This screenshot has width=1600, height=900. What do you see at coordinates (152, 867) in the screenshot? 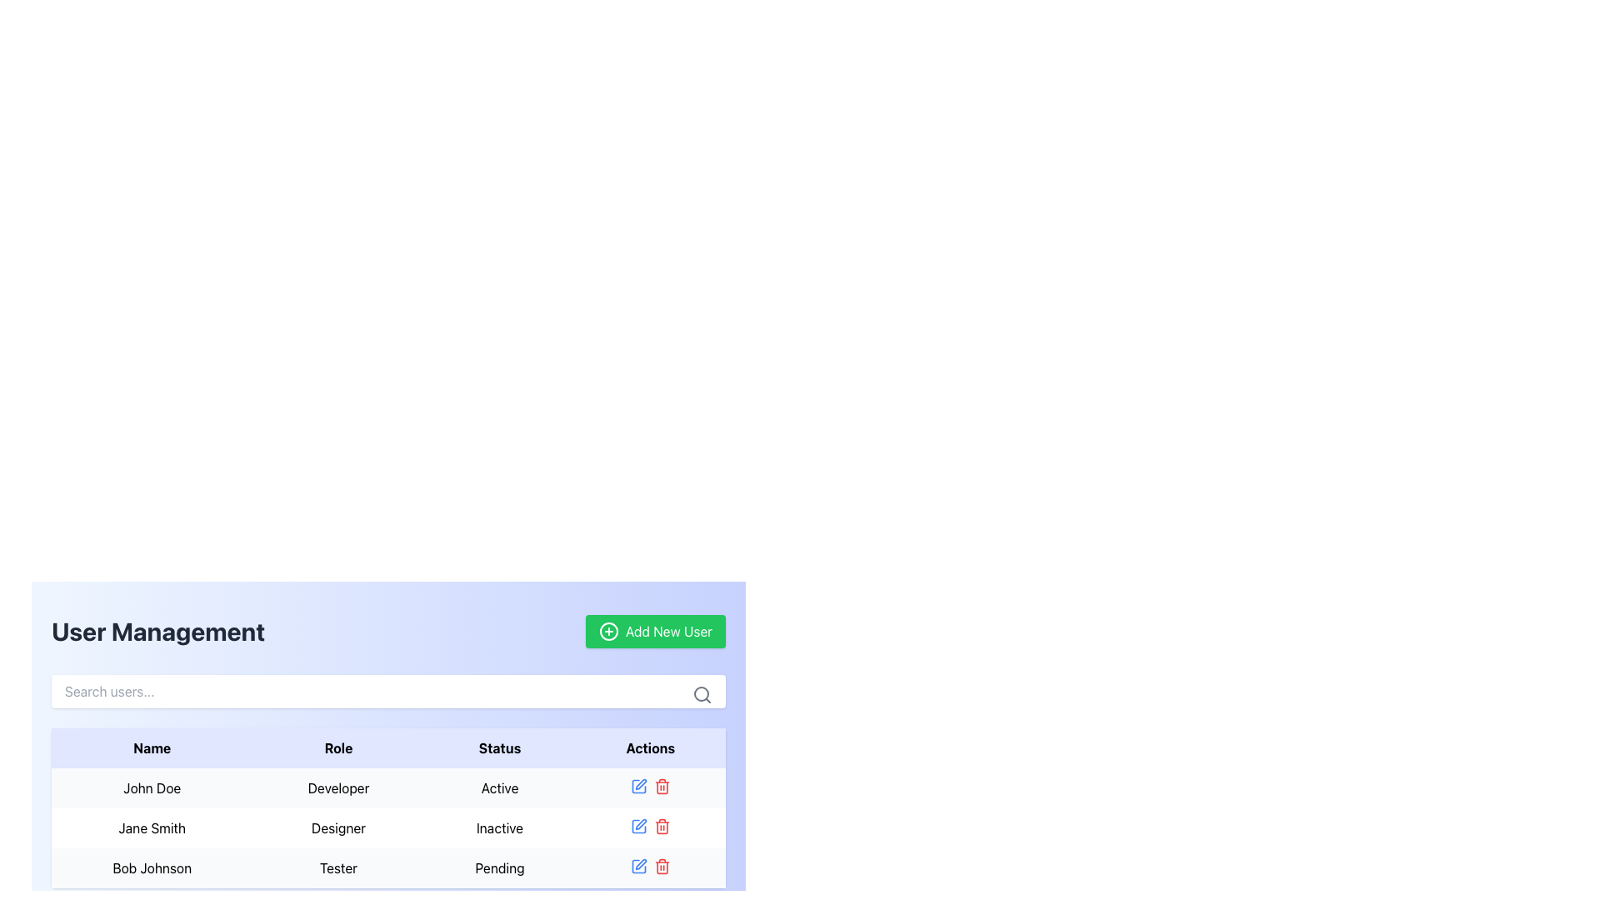
I see `the text label displaying the name of a user, located in the third row of the user management table under the 'Name' column` at bounding box center [152, 867].